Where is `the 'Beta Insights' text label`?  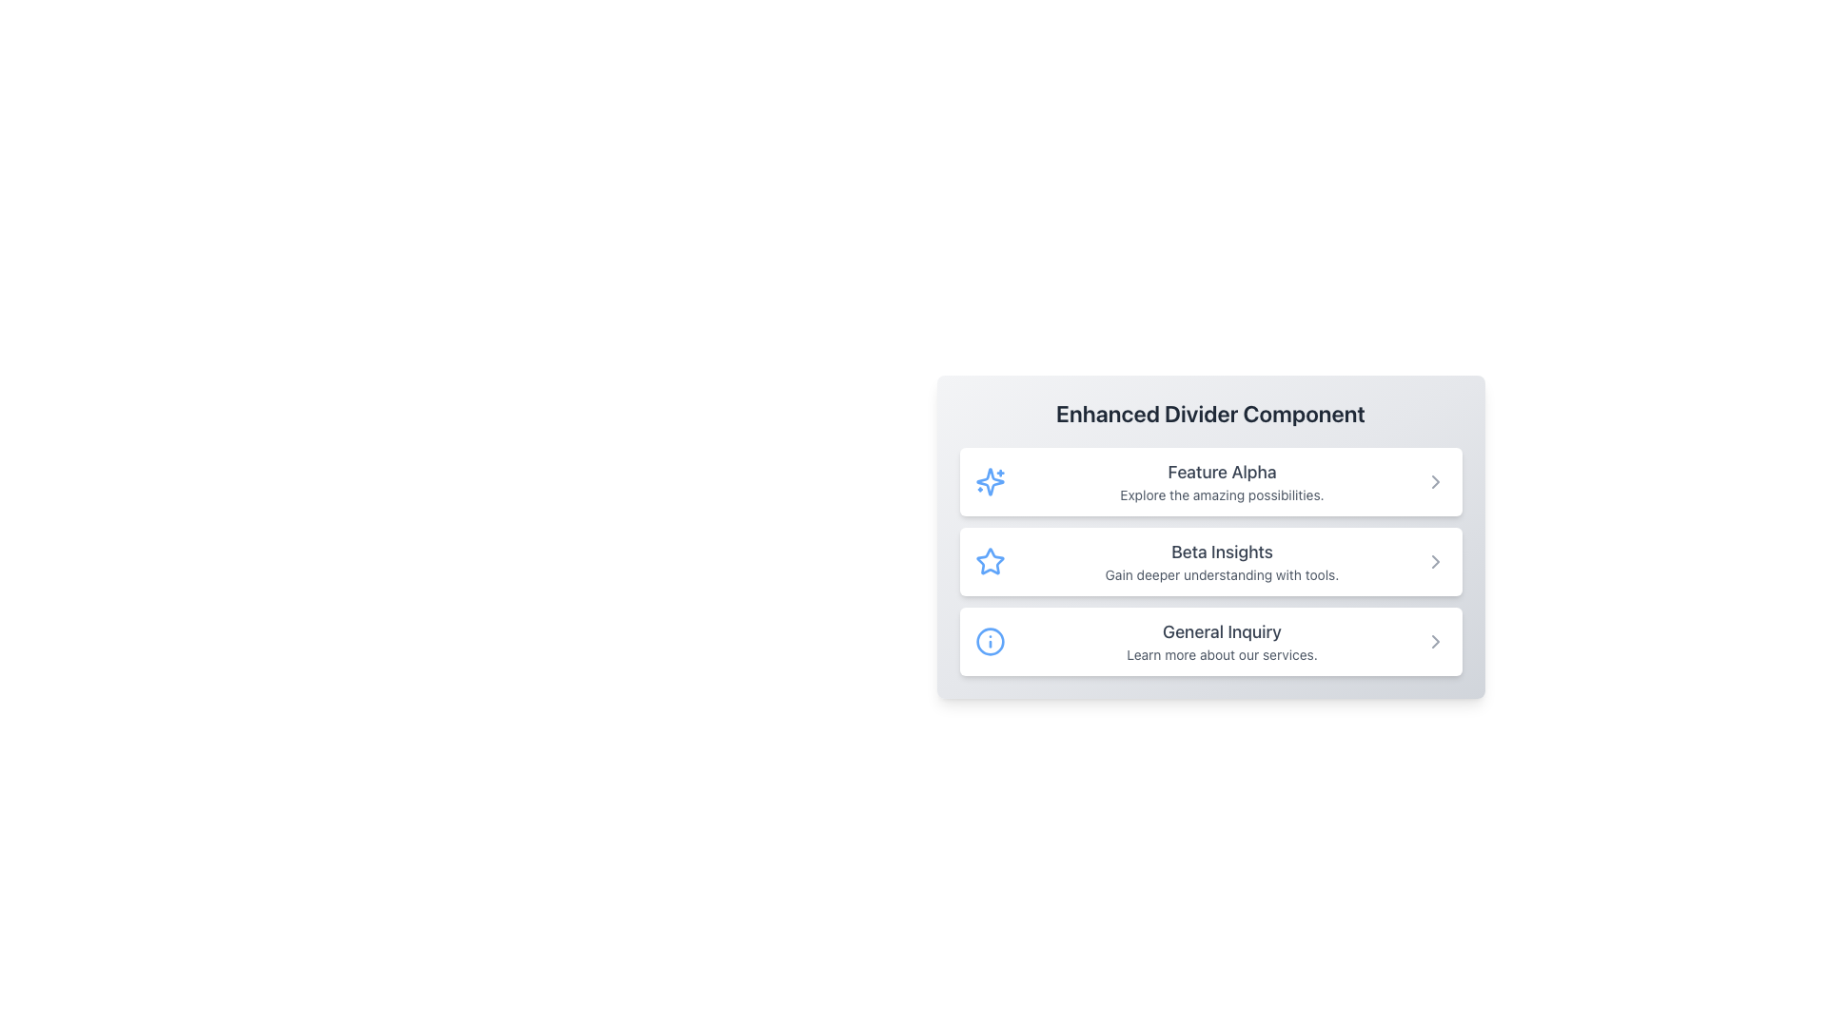 the 'Beta Insights' text label is located at coordinates (1222, 552).